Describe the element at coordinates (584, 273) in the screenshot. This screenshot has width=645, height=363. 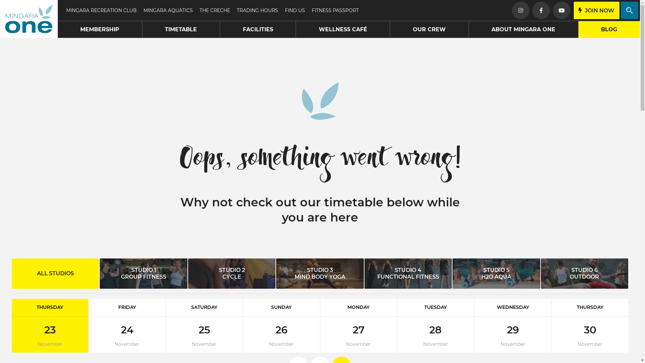
I see `'STUDIO 6` at that location.